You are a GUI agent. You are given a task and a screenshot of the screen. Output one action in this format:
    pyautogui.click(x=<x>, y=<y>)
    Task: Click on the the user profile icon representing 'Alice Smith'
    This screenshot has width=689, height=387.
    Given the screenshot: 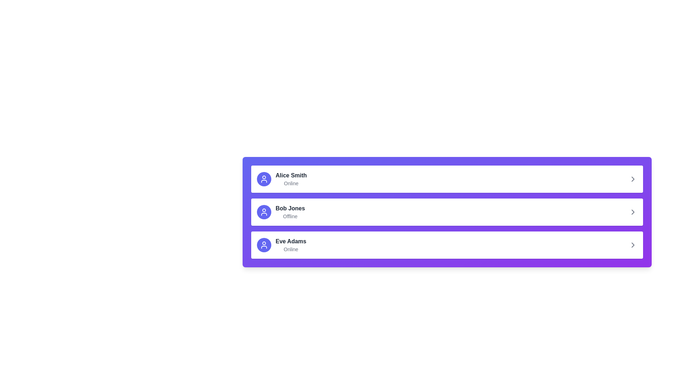 What is the action you would take?
    pyautogui.click(x=263, y=179)
    